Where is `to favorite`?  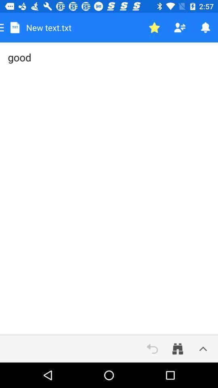
to favorite is located at coordinates (154, 27).